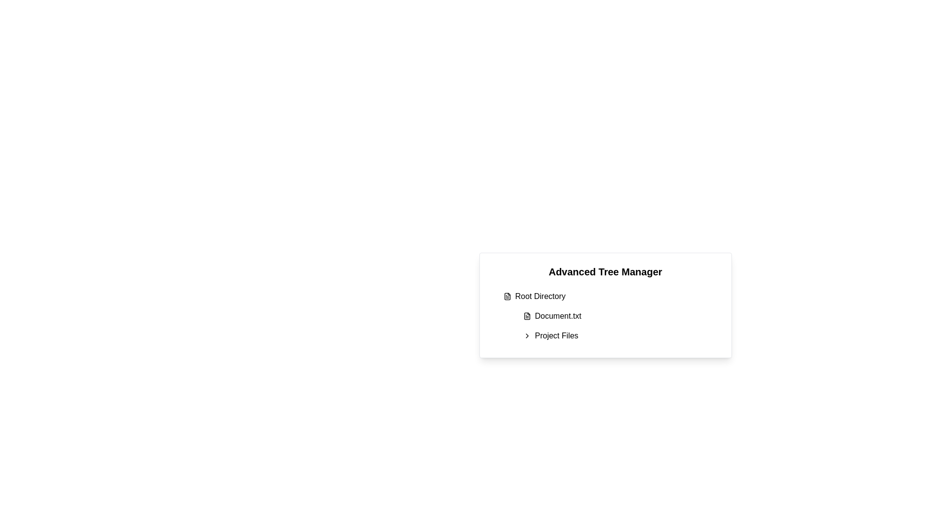  Describe the element at coordinates (526, 335) in the screenshot. I see `the 'Project Files' icon, which is positioned left of the text label and serves as a toggle for the associated tree view` at that location.